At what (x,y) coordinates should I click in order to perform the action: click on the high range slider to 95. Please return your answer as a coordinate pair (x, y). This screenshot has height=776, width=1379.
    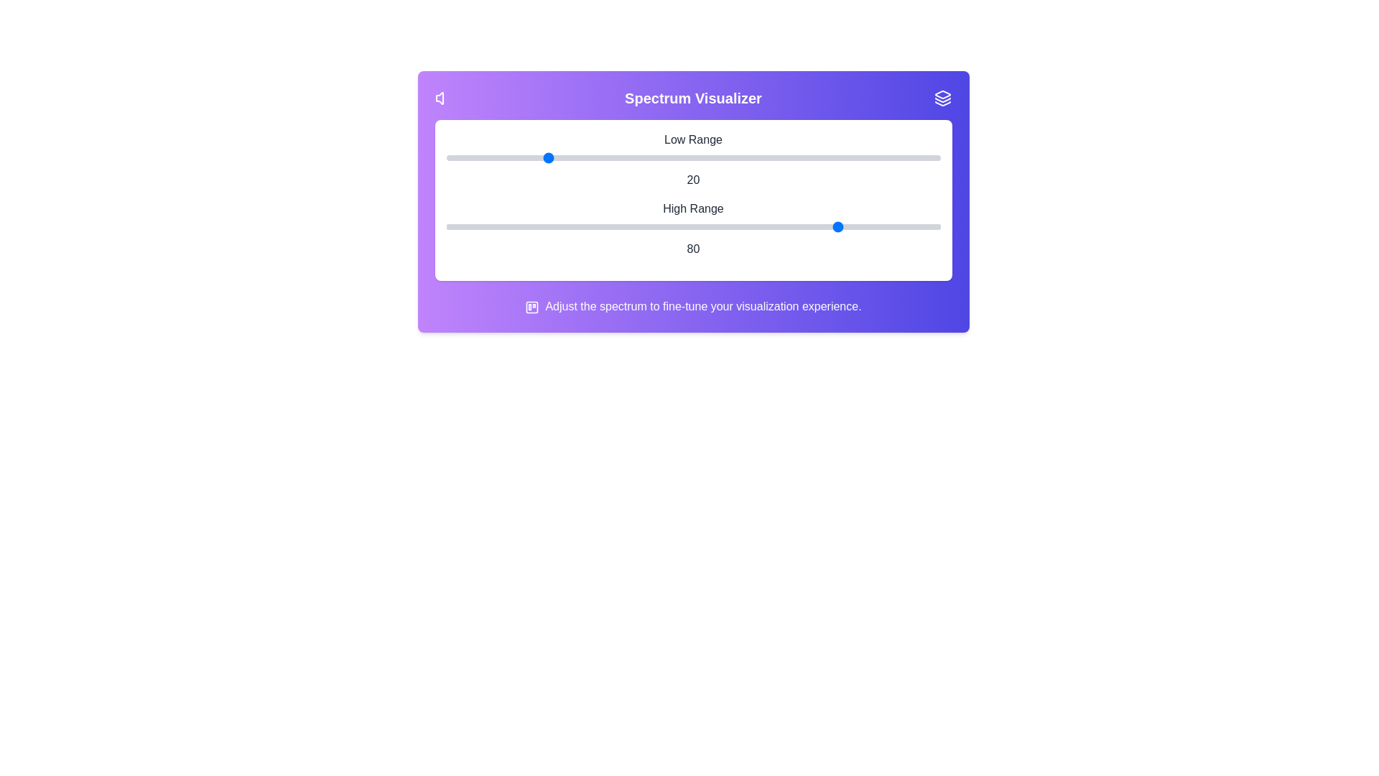
    Looking at the image, I should click on (915, 226).